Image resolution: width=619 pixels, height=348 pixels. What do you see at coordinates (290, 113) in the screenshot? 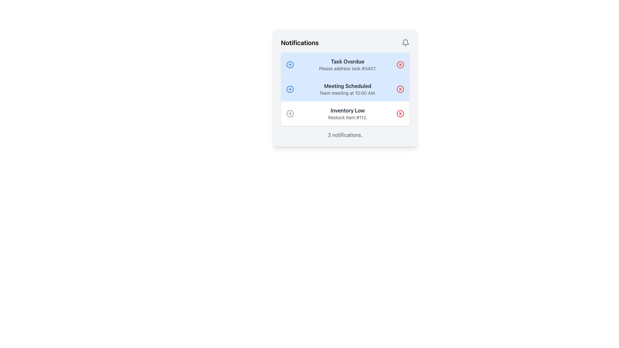
I see `the action-triggering button for the notification titled 'Inventory Low', located to the left side of the notification content` at bounding box center [290, 113].